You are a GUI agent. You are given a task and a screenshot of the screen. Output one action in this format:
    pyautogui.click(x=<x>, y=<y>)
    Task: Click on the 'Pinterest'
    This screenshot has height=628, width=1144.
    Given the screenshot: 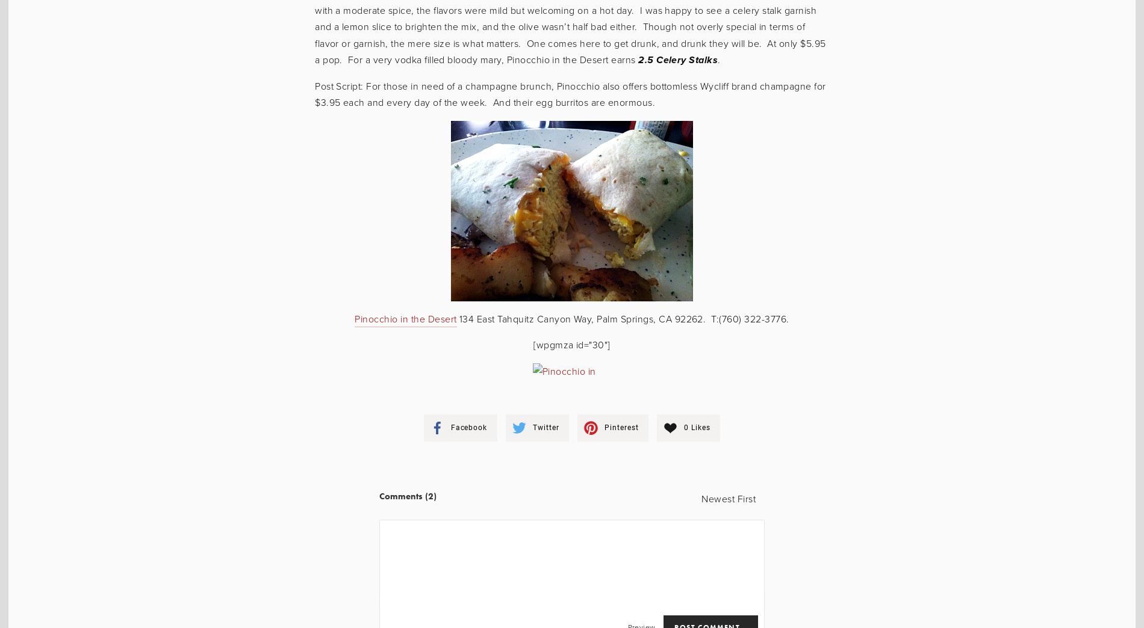 What is the action you would take?
    pyautogui.click(x=621, y=426)
    